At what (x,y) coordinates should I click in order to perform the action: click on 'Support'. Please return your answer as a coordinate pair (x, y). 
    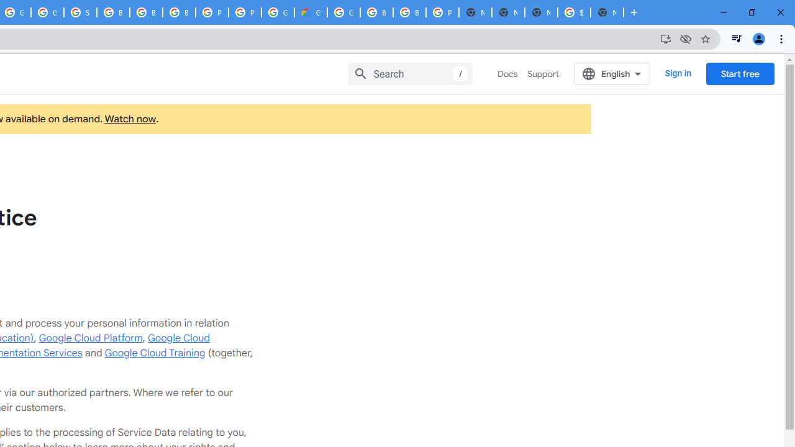
    Looking at the image, I should click on (543, 74).